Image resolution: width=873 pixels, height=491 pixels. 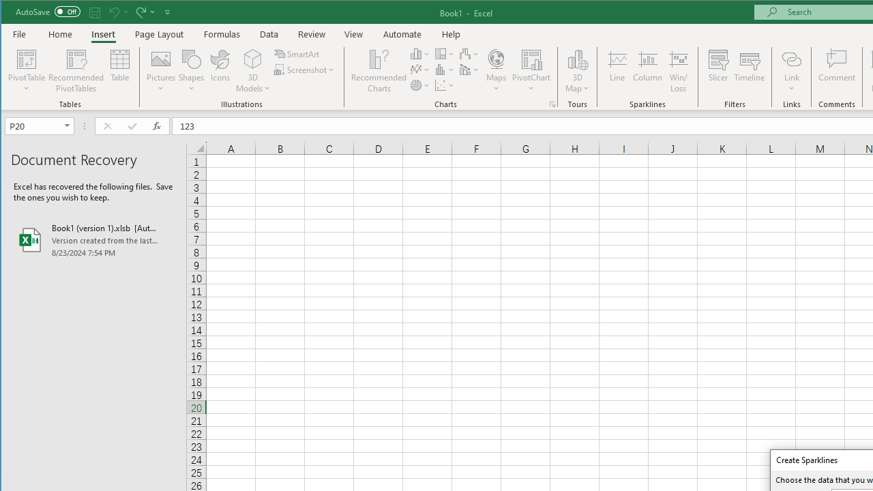 What do you see at coordinates (531, 58) in the screenshot?
I see `'PivotChart'` at bounding box center [531, 58].